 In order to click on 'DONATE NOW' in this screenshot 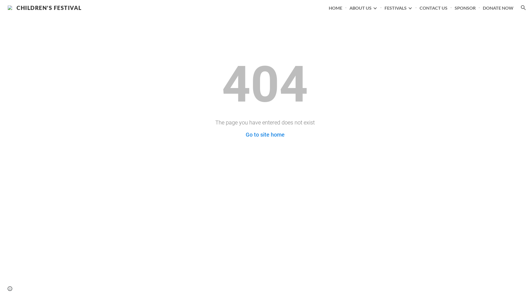, I will do `click(498, 7)`.